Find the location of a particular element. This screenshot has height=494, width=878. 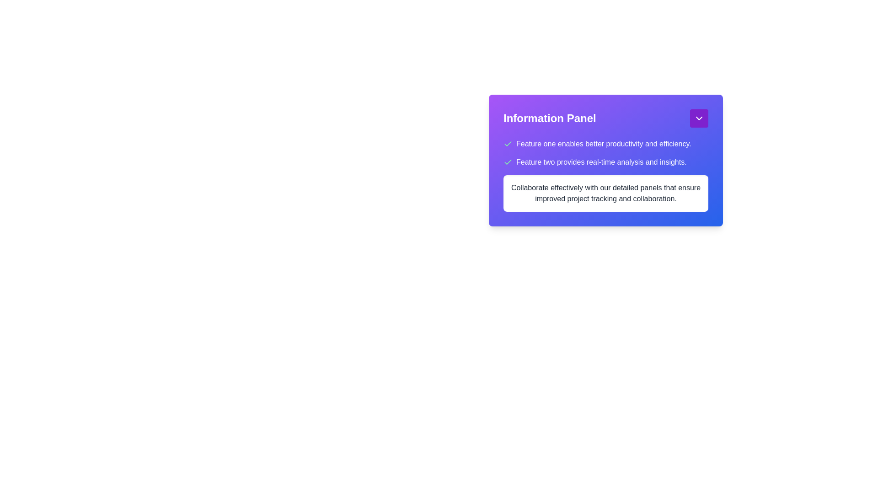

the decorative icon indicating the confirmation of an item in the list, located in the second row under the 'Information Panel' next to the text 'Feature two provides real-time analysis and insights.' is located at coordinates (507, 143).